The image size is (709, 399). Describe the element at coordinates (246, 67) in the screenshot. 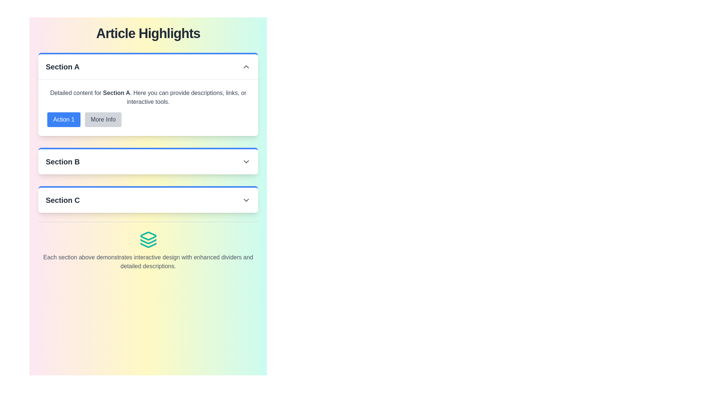

I see `the upward chevron icon located in the top-right corner of 'Section A', adjacent to the text label 'Section A'` at that location.